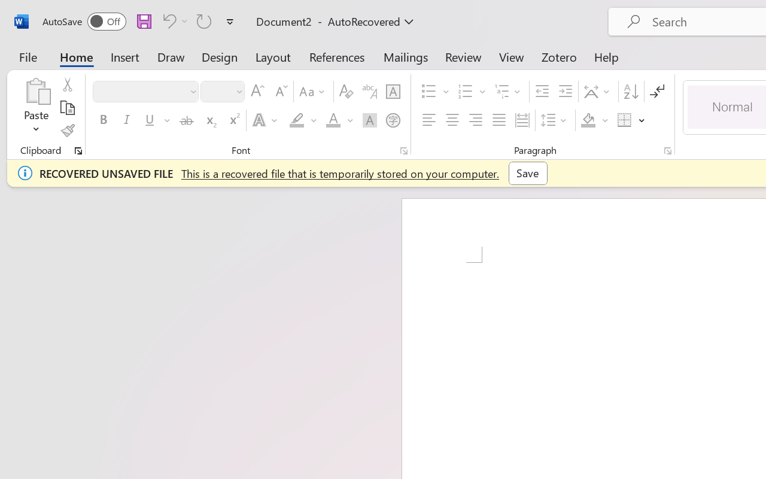 This screenshot has width=766, height=479. What do you see at coordinates (428, 120) in the screenshot?
I see `'Align Left'` at bounding box center [428, 120].